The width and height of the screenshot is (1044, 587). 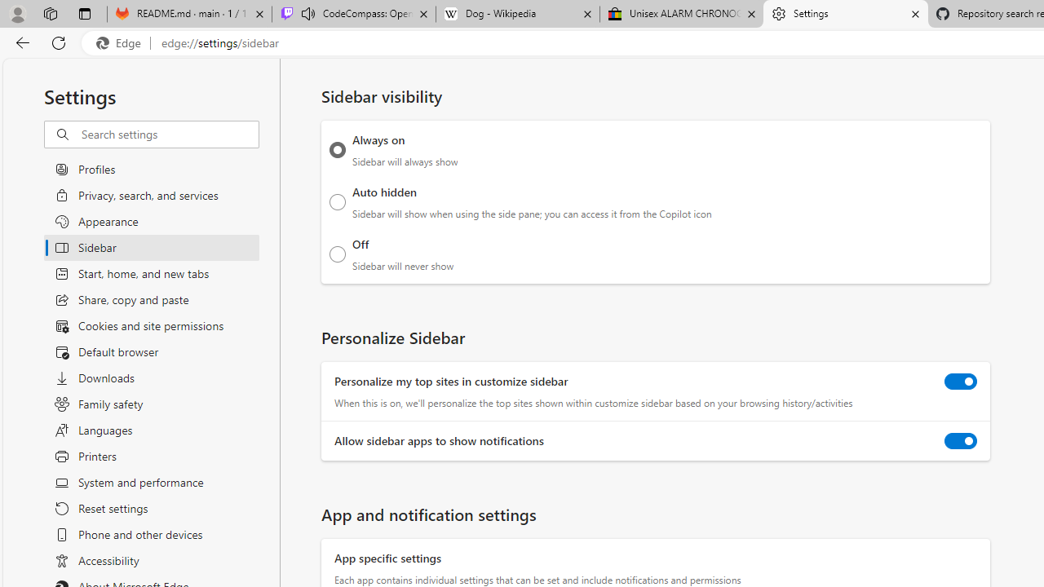 What do you see at coordinates (308, 13) in the screenshot?
I see `'Mute tab'` at bounding box center [308, 13].